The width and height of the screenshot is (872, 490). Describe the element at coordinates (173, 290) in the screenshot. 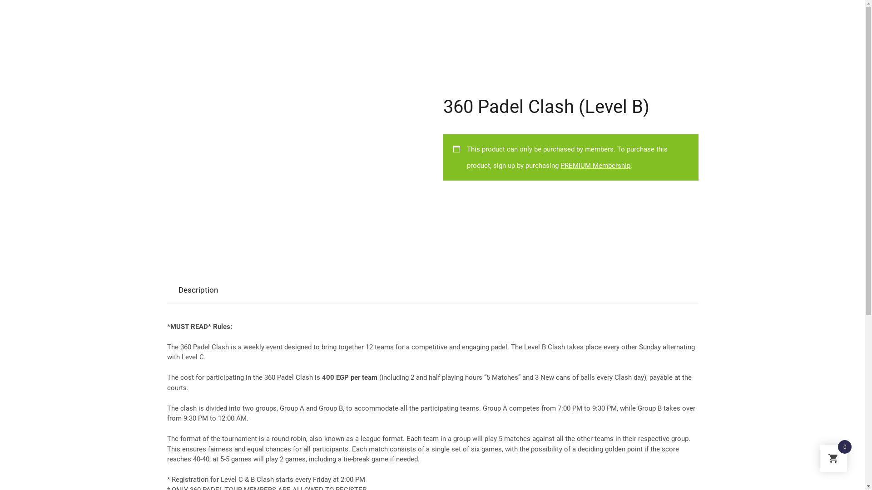

I see `'Description'` at that location.